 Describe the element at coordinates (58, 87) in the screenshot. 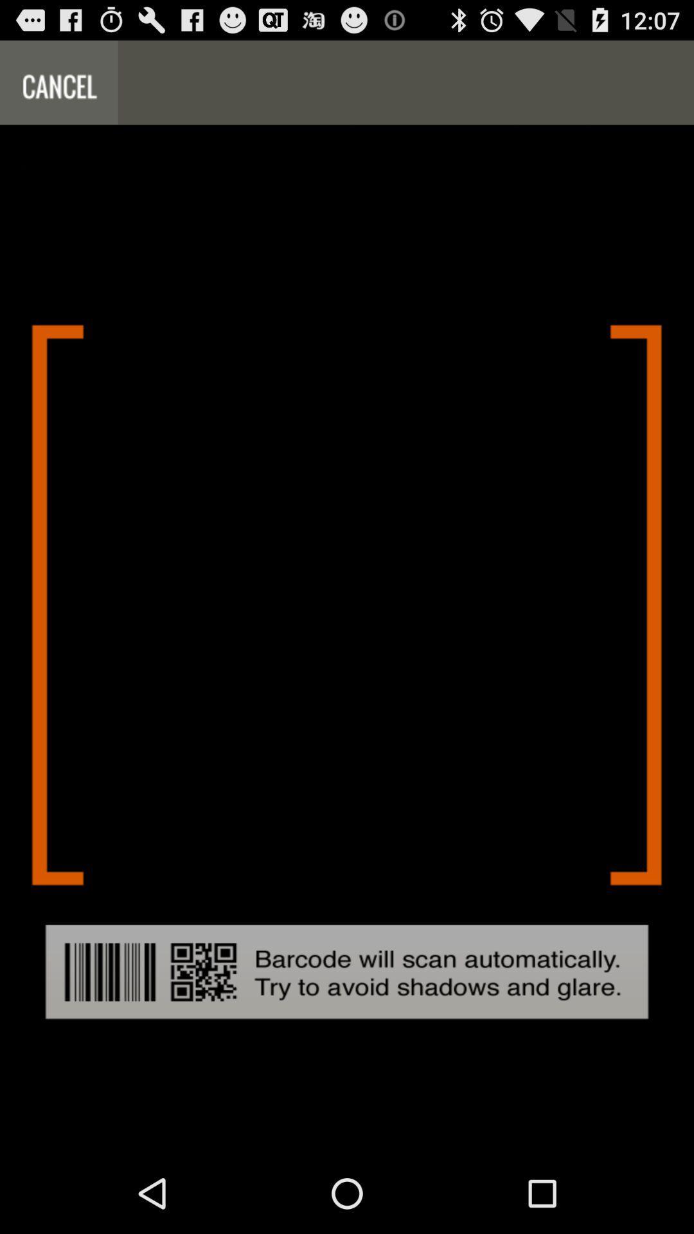

I see `the font icon` at that location.